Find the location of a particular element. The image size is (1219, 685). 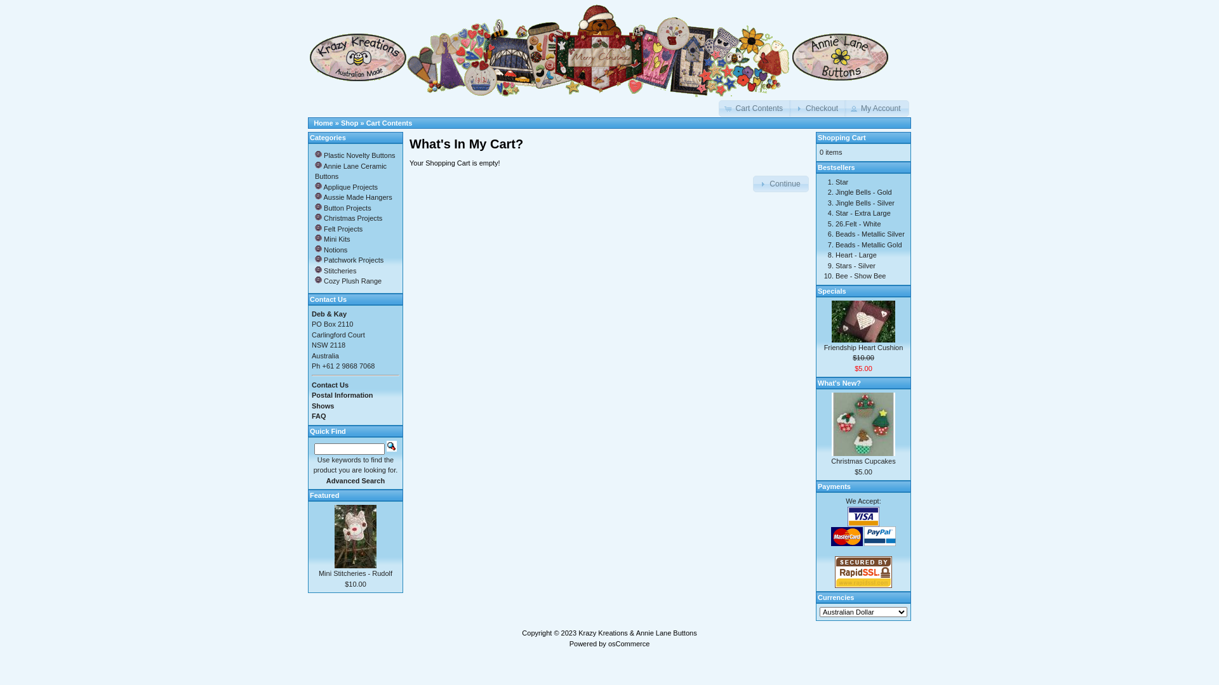

'Shopping Cart' is located at coordinates (841, 137).